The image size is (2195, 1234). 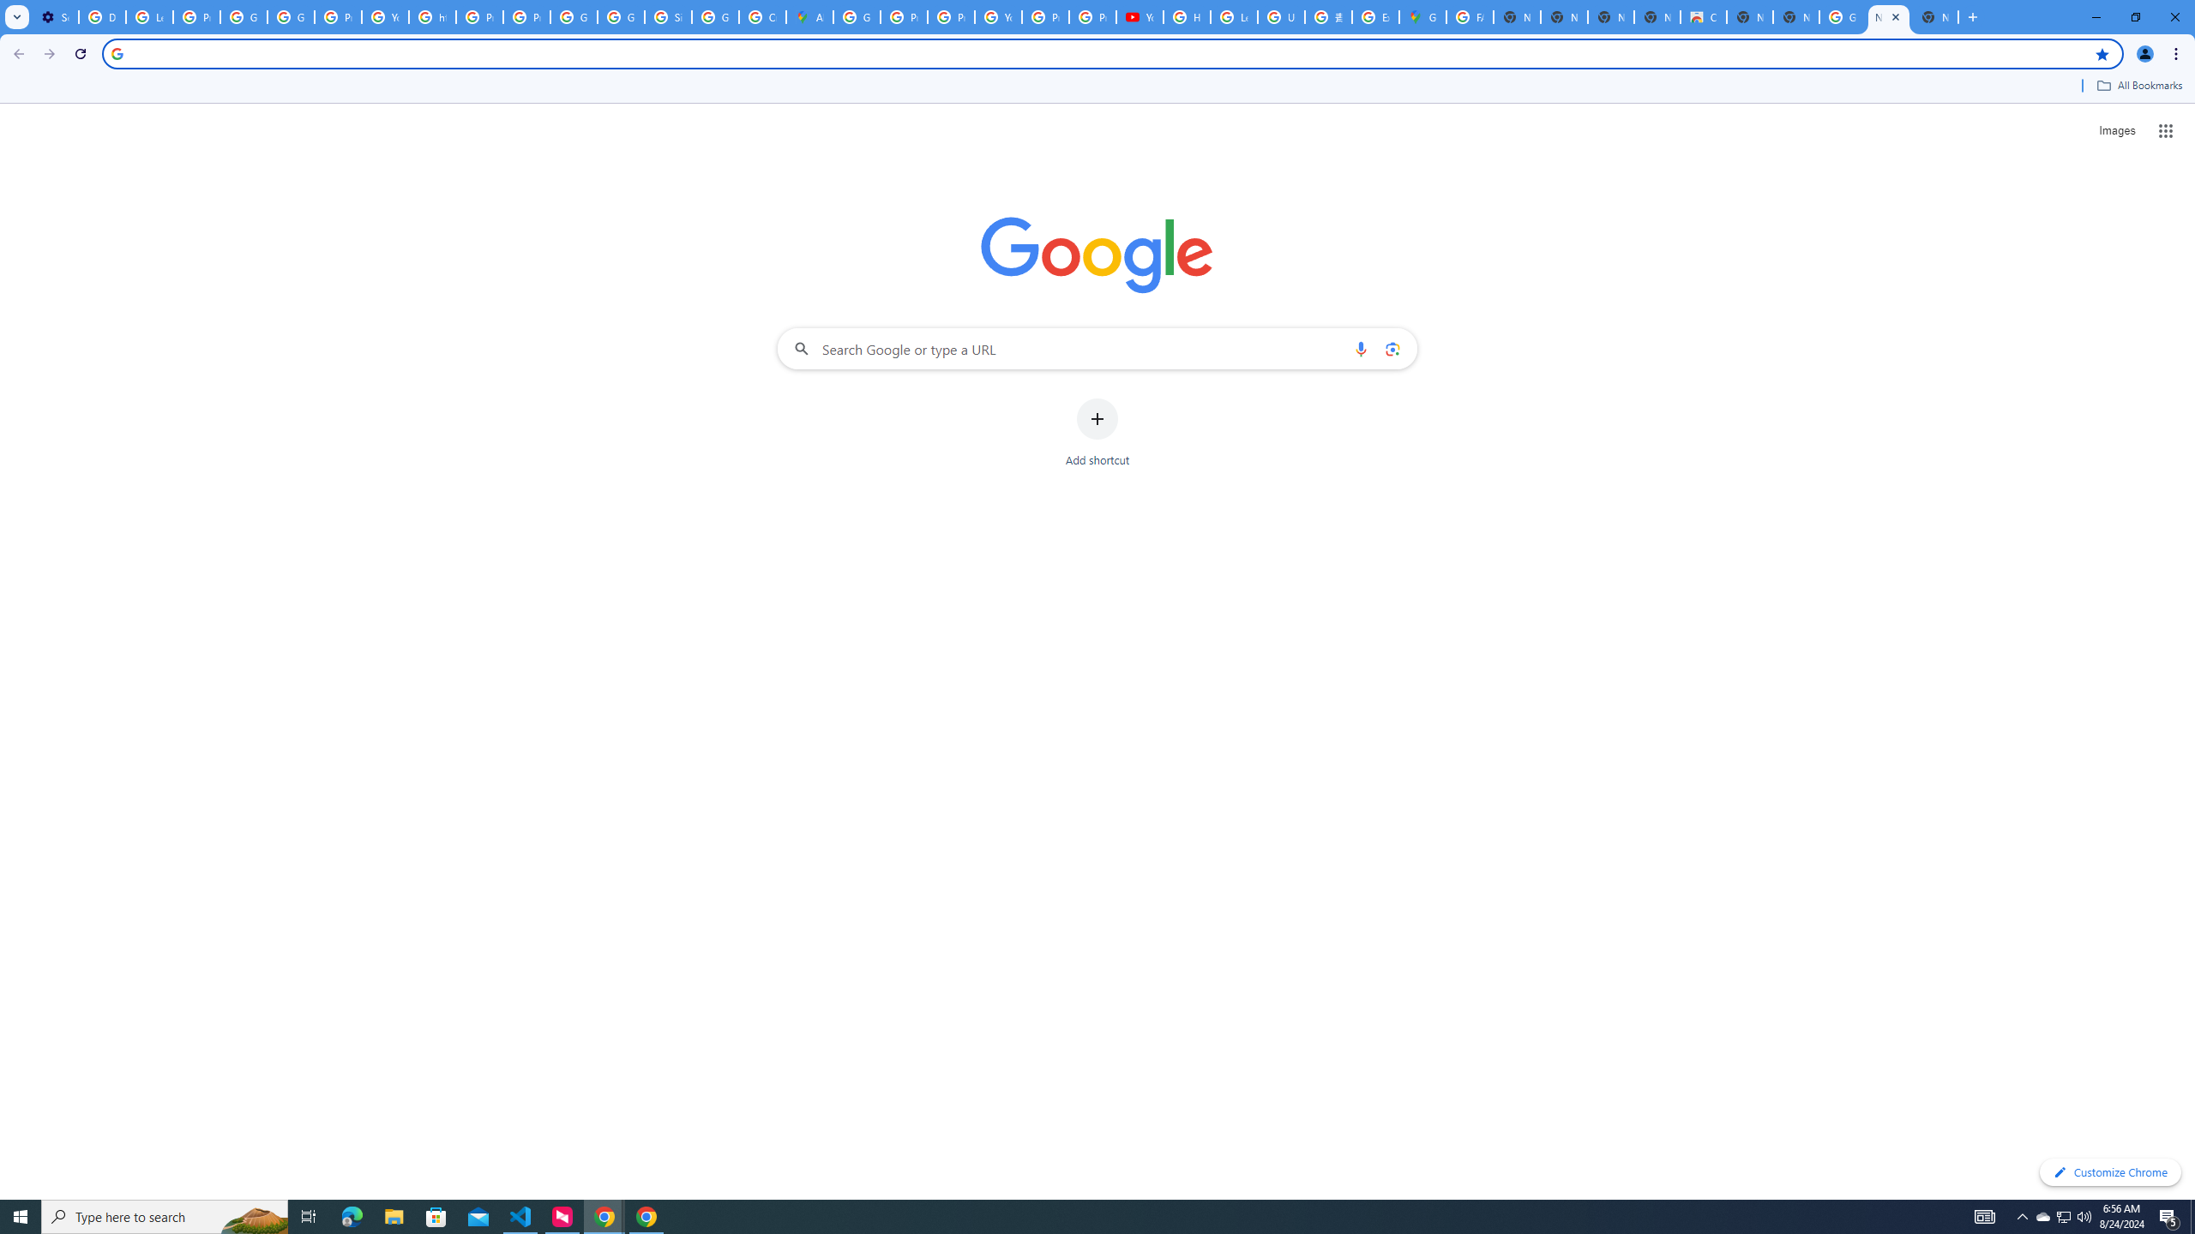 I want to click on 'Privacy Checkup', so click(x=1091, y=16).